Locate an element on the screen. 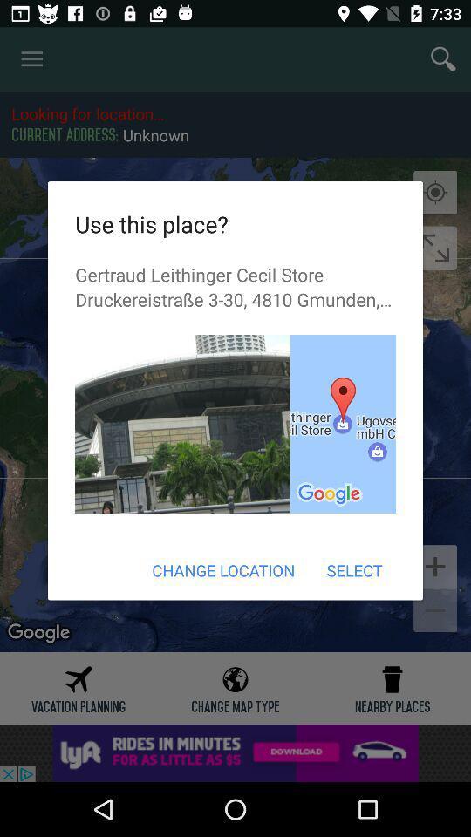  the icon to the left of select icon is located at coordinates (223, 569).